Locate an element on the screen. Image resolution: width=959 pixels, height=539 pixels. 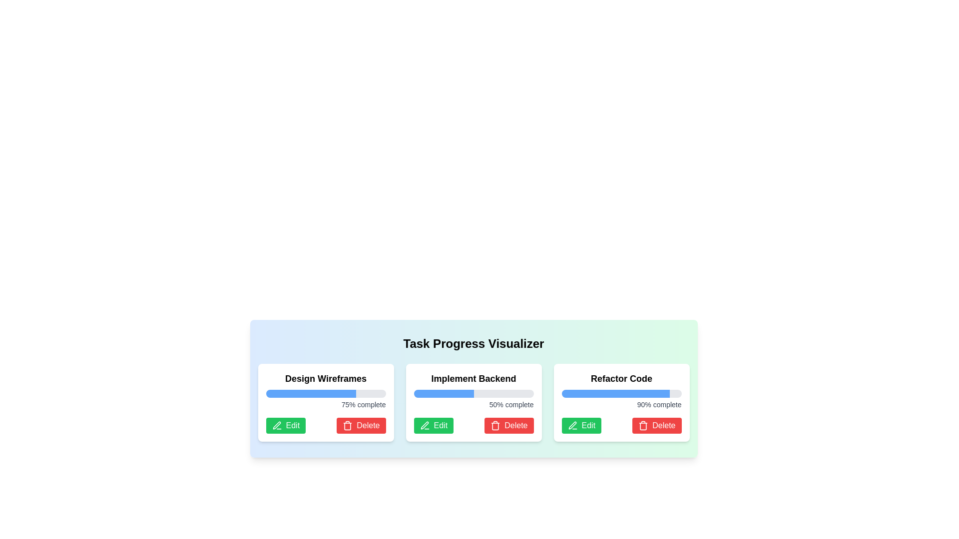
the Progress Bar that visually indicates 75% completion, located beneath the 'Design Wireframes' text and above the '75% complete' text is located at coordinates (326, 393).